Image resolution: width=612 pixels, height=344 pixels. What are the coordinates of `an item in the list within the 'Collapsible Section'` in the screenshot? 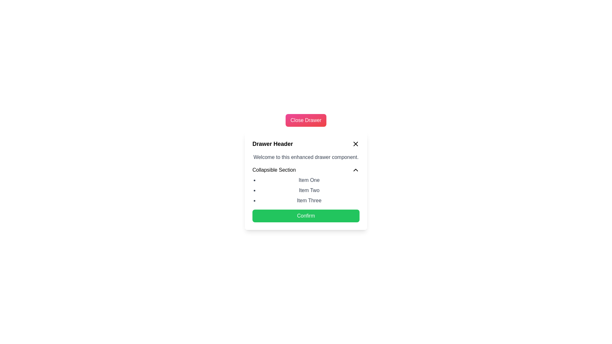 It's located at (306, 181).